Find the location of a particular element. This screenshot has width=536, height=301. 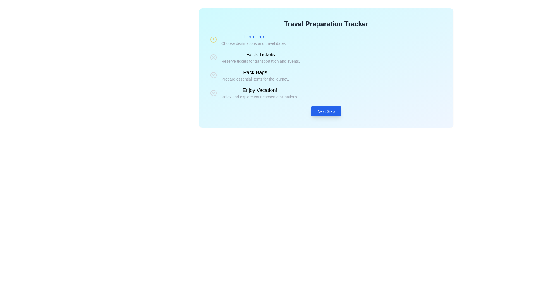

the steps in the travel preparation tracker component is located at coordinates (326, 66).